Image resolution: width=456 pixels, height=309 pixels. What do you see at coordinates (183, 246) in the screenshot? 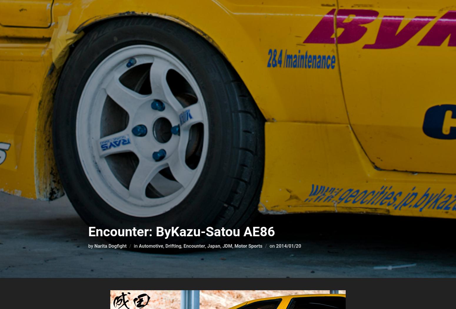
I see `'Encounter'` at bounding box center [183, 246].